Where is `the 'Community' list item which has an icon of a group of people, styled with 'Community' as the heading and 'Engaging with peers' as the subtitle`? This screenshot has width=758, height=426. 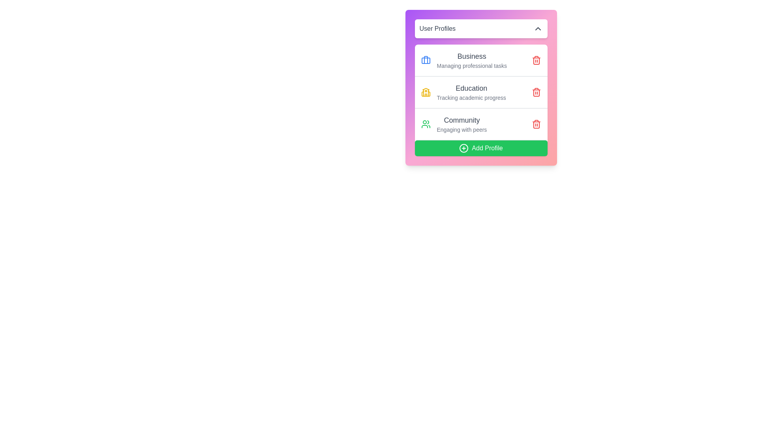
the 'Community' list item which has an icon of a group of people, styled with 'Community' as the heading and 'Engaging with peers' as the subtitle is located at coordinates (454, 124).